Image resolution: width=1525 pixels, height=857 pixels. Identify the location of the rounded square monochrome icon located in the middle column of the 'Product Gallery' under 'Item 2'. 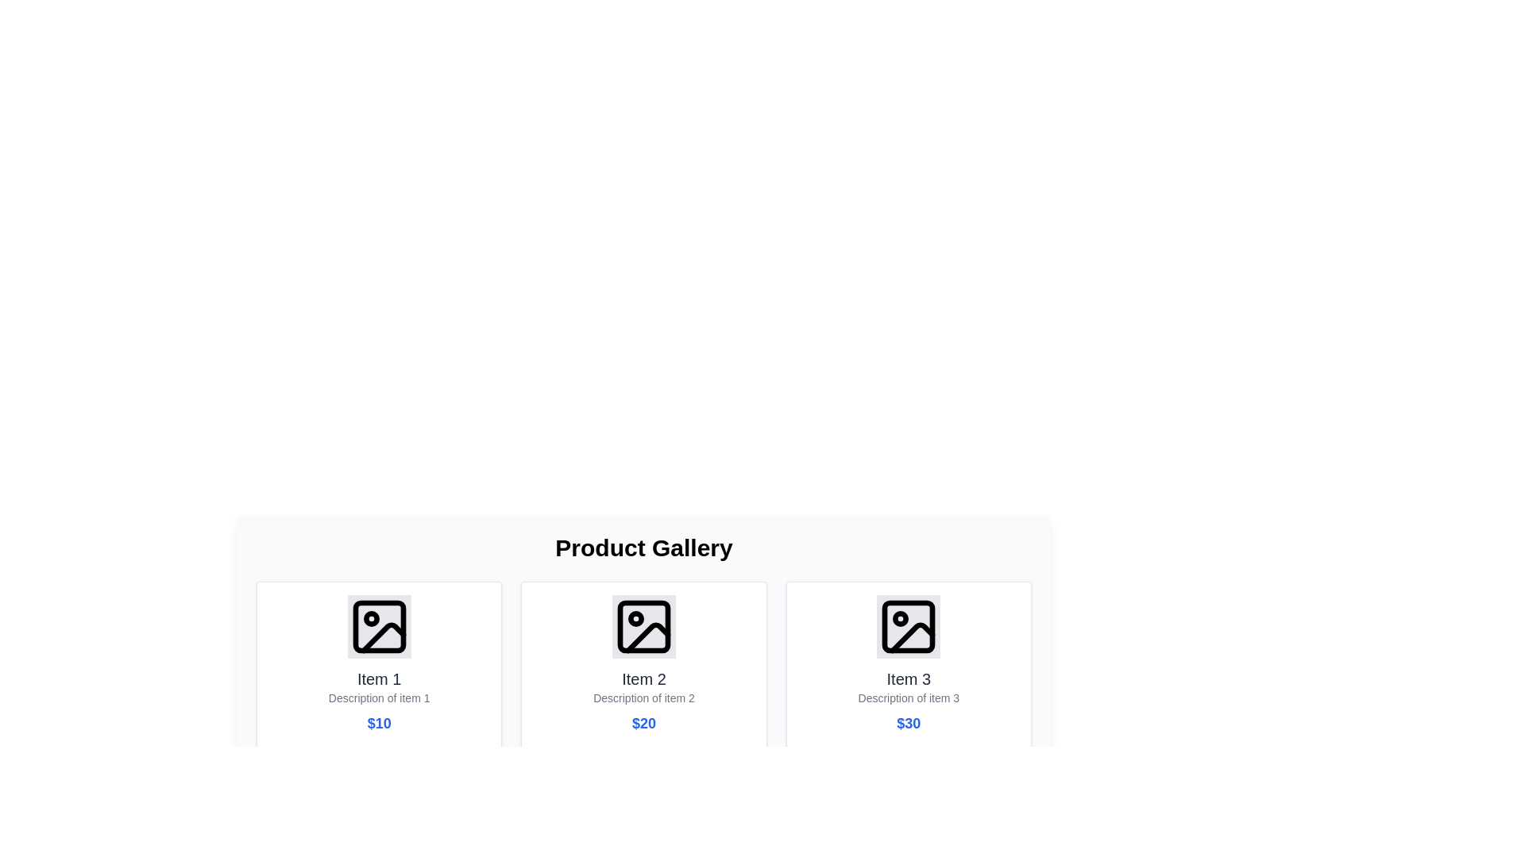
(644, 626).